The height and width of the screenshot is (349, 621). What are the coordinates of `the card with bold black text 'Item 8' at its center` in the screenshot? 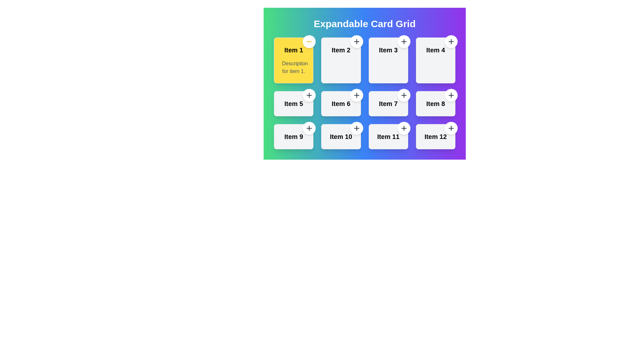 It's located at (435, 103).